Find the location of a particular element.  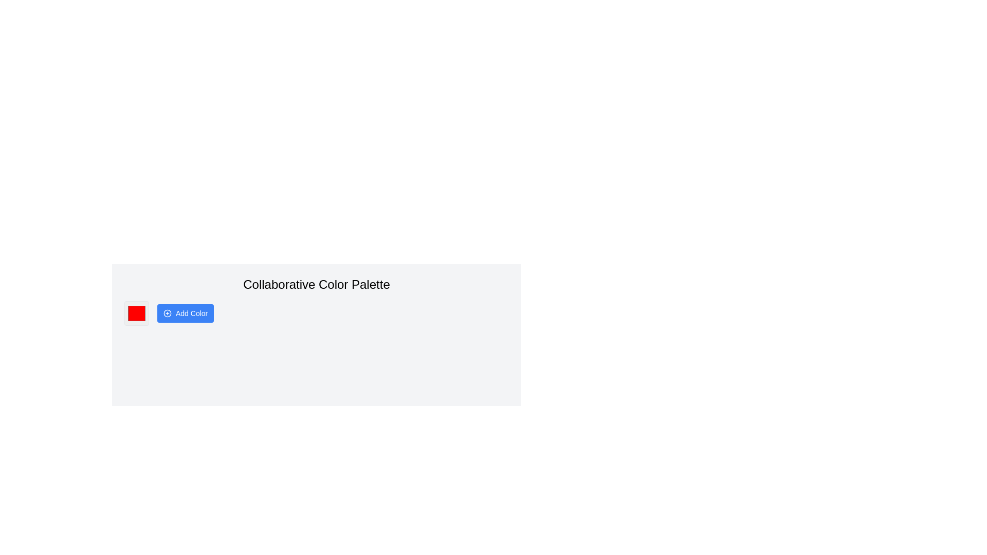

the 'Add Color' button located below the 'Collaborative Color Palette' text to change its appearance is located at coordinates (186, 312).